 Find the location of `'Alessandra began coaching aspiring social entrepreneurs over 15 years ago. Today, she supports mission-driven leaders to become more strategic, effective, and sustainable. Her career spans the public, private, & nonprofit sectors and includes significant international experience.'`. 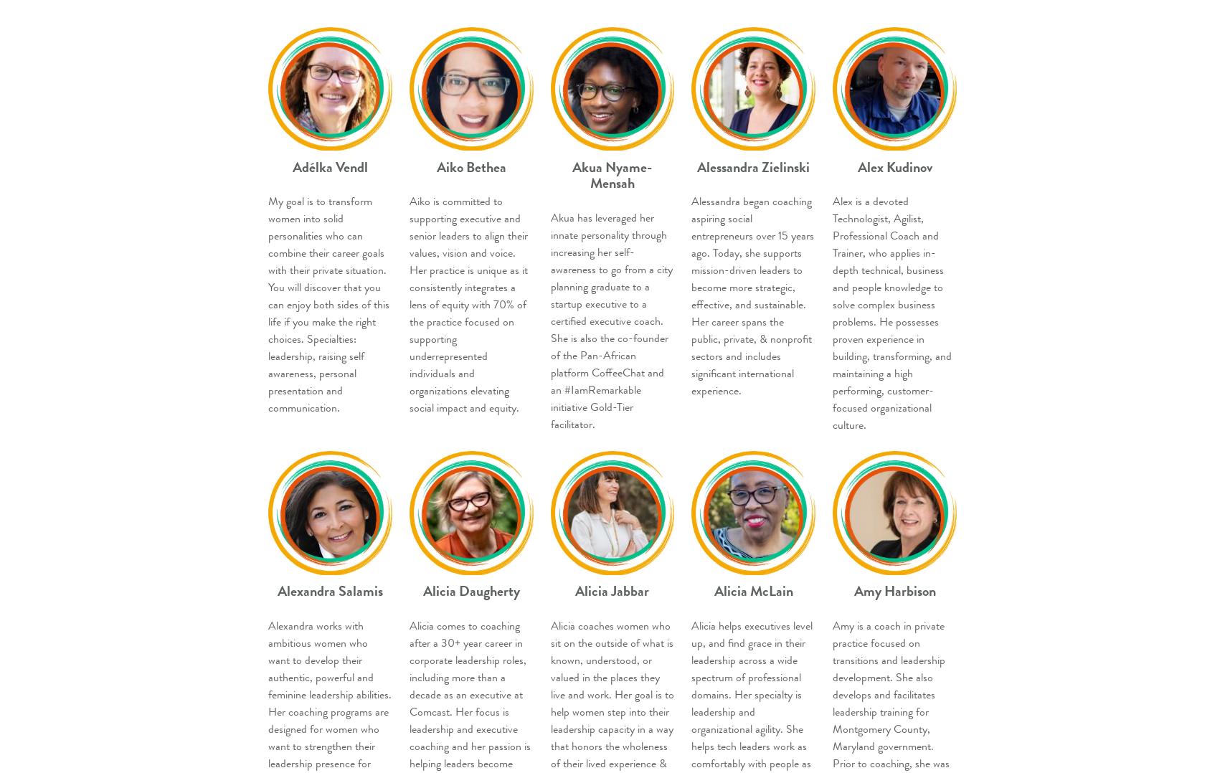

'Alessandra began coaching aspiring social entrepreneurs over 15 years ago. Today, she supports mission-driven leaders to become more strategic, effective, and sustainable. Her career spans the public, private, & nonprofit sectors and includes significant international experience.' is located at coordinates (752, 295).